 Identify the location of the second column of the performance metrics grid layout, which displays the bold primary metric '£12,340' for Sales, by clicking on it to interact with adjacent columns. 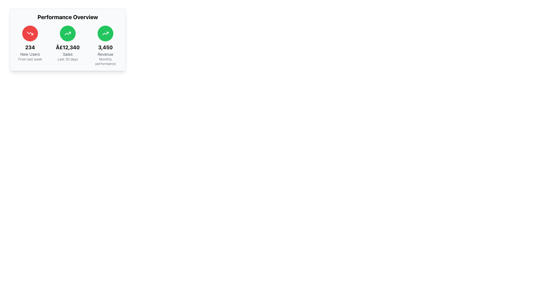
(67, 45).